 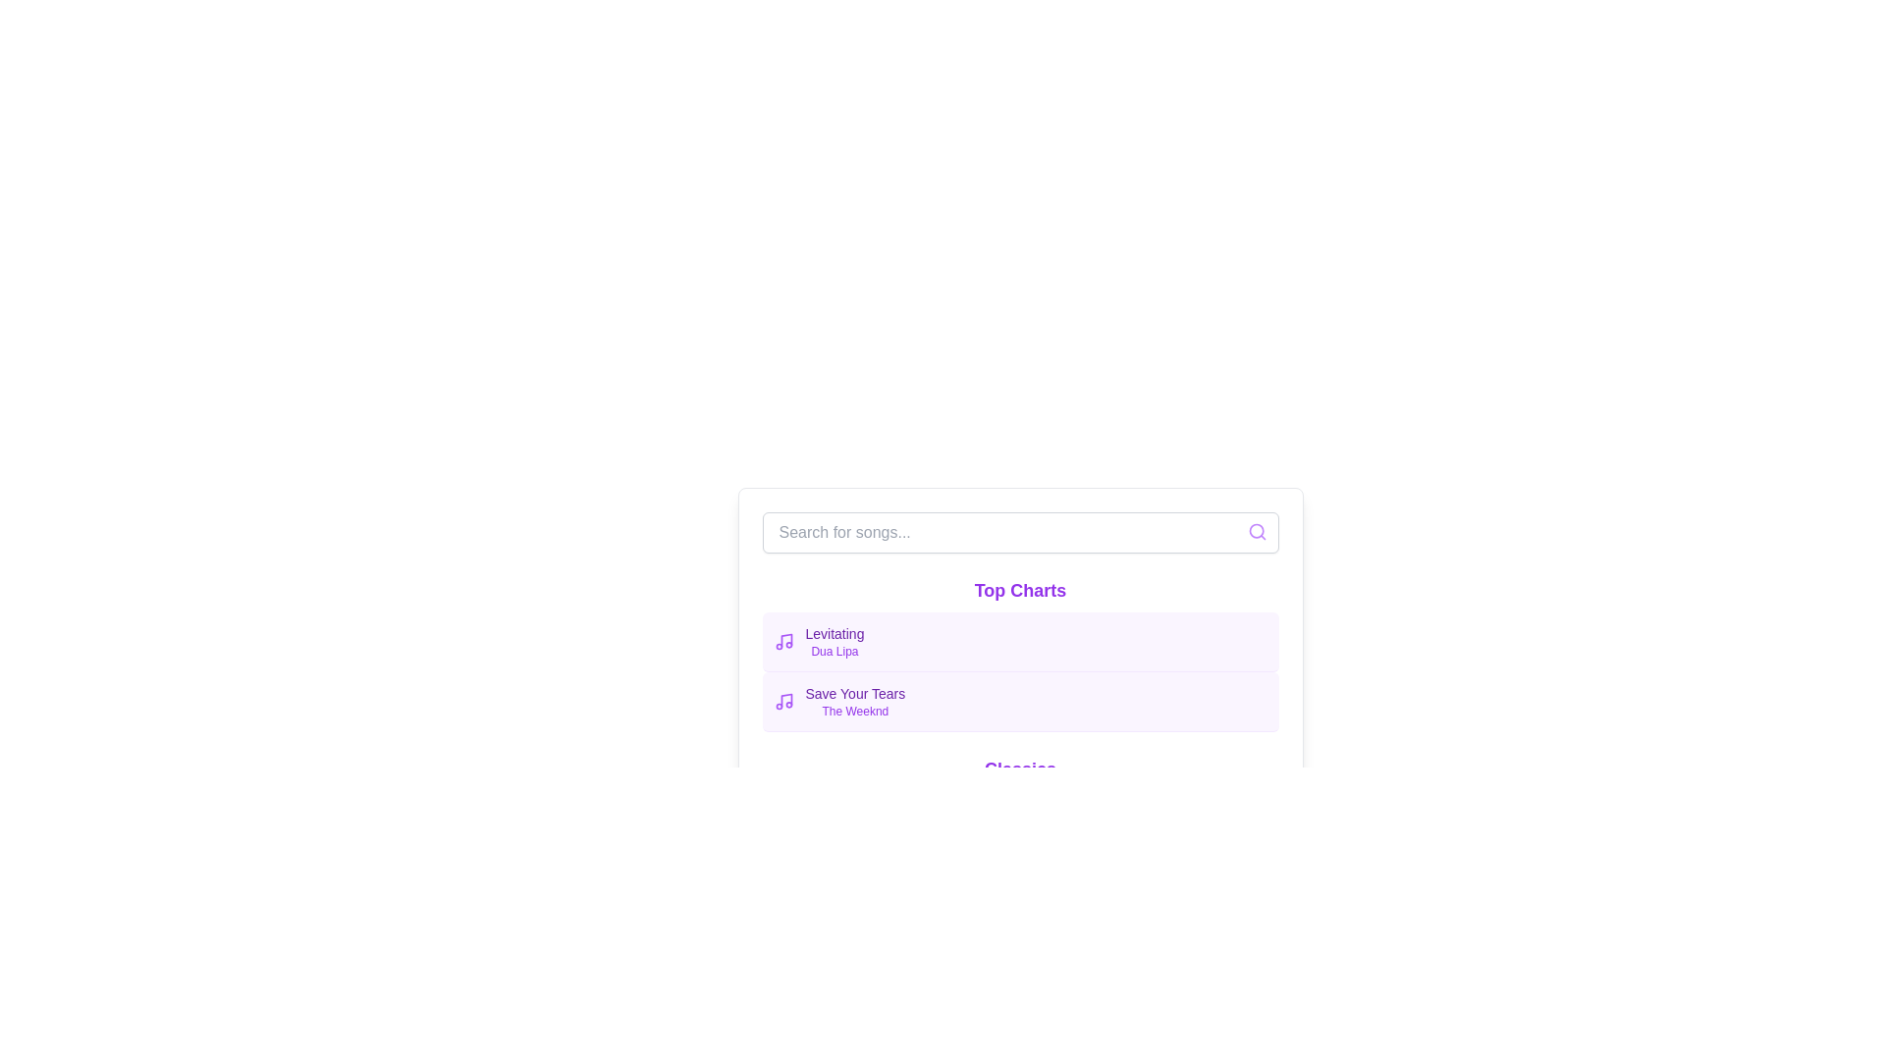 What do you see at coordinates (855, 712) in the screenshot?
I see `the text label displaying 'The Weeknd', which is styled in small size and purple color, positioned below 'Save Your Tears' in the 'Top Charts' list` at bounding box center [855, 712].